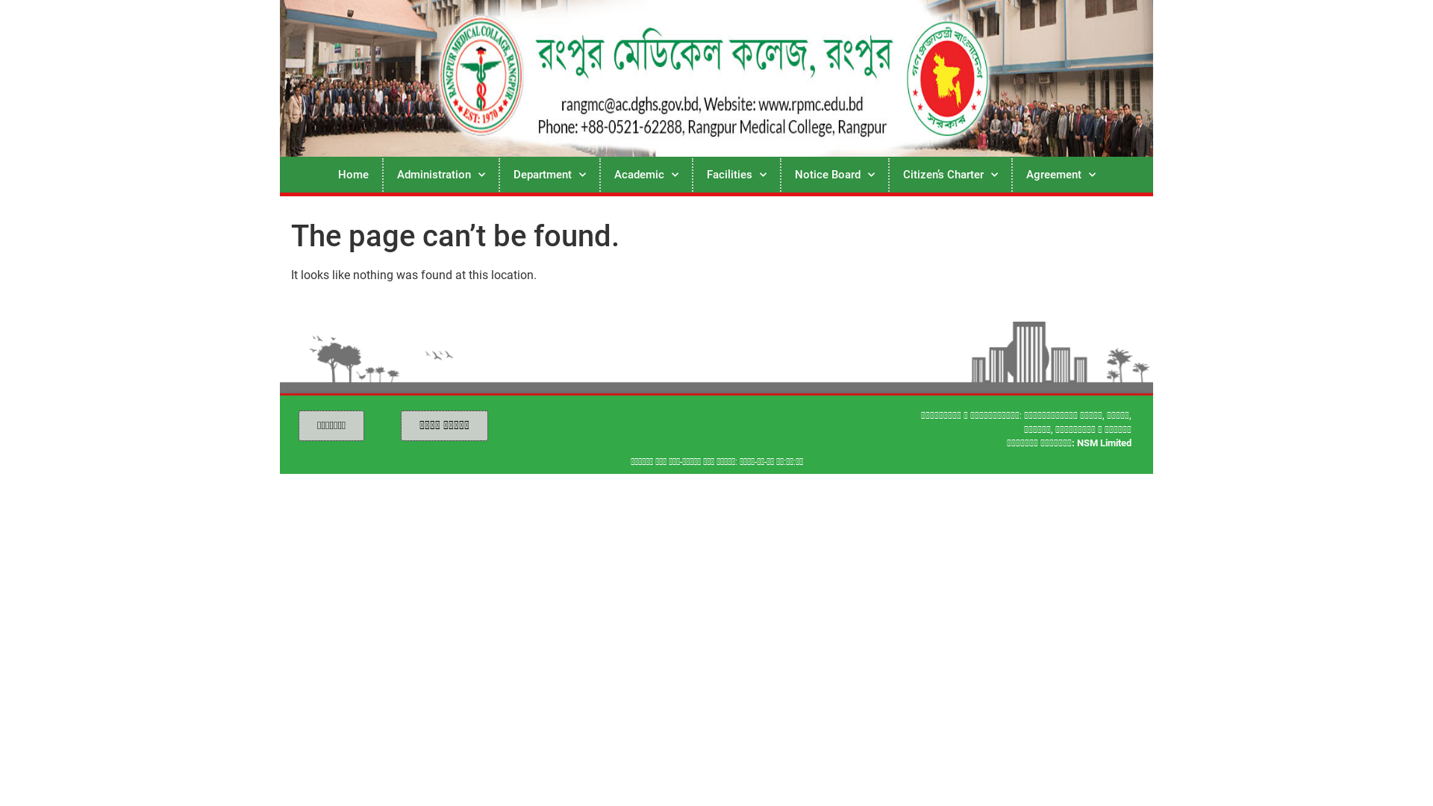 The width and height of the screenshot is (1433, 806). I want to click on 'Academic', so click(645, 174).